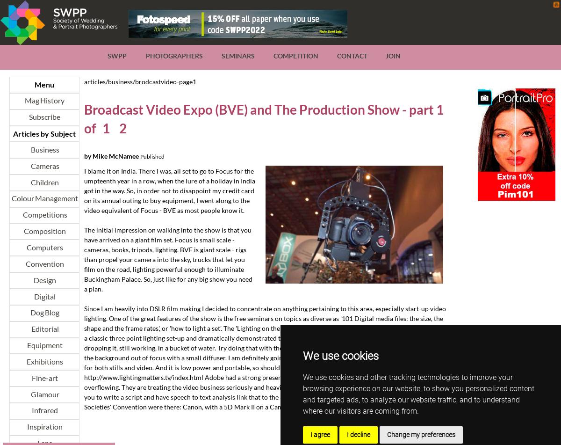 Image resolution: width=561 pixels, height=445 pixels. Describe the element at coordinates (152, 156) in the screenshot. I see `'Published'` at that location.